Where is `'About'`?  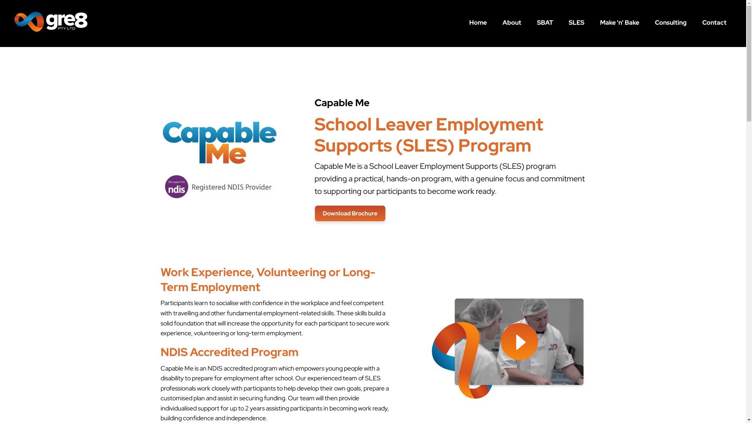 'About' is located at coordinates (512, 22).